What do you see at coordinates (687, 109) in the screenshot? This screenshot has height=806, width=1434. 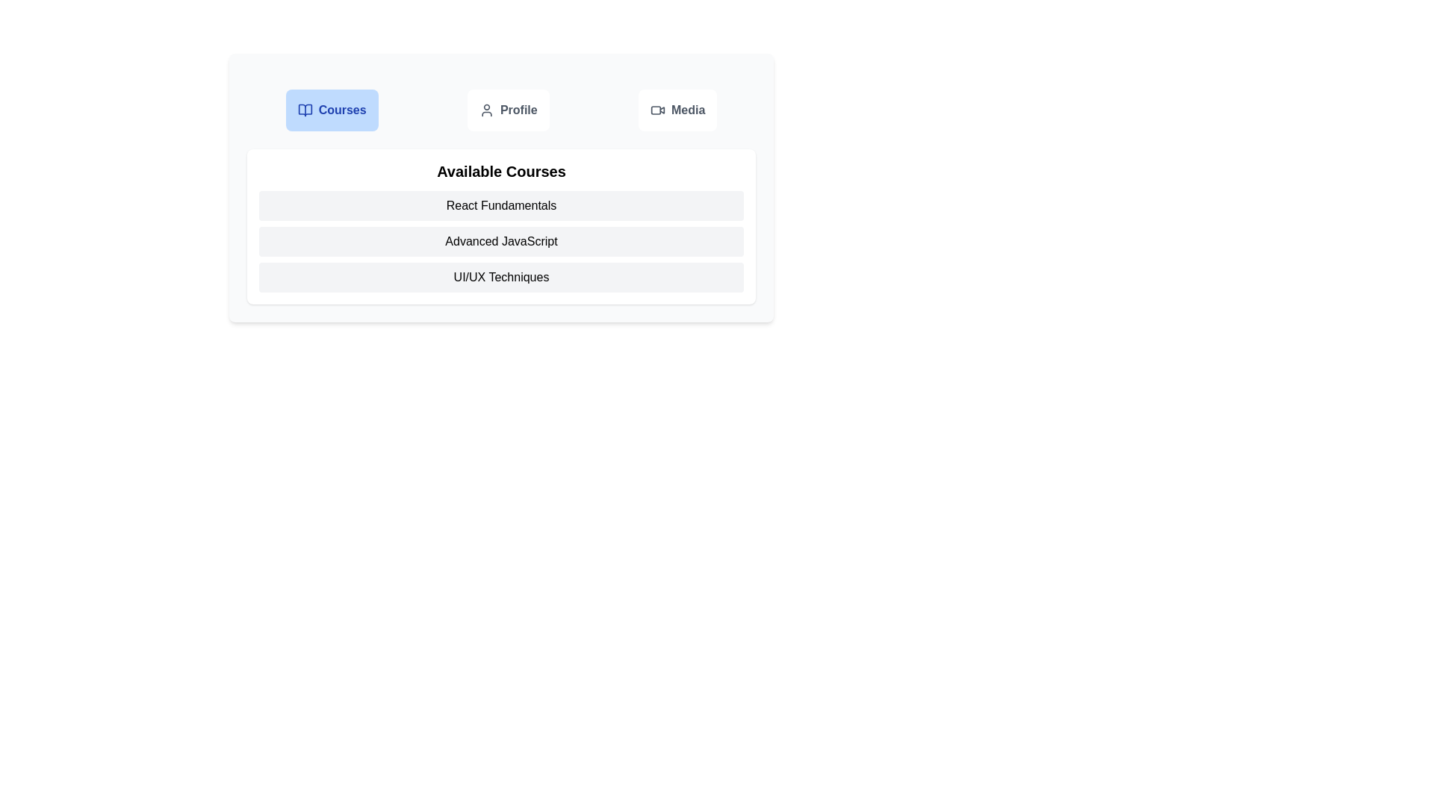 I see `the button labeled 'Media' which is styled in gray font and located in the top-right corner of the interface, next to the 'Profile' button and associated with a video camera icon` at bounding box center [687, 109].